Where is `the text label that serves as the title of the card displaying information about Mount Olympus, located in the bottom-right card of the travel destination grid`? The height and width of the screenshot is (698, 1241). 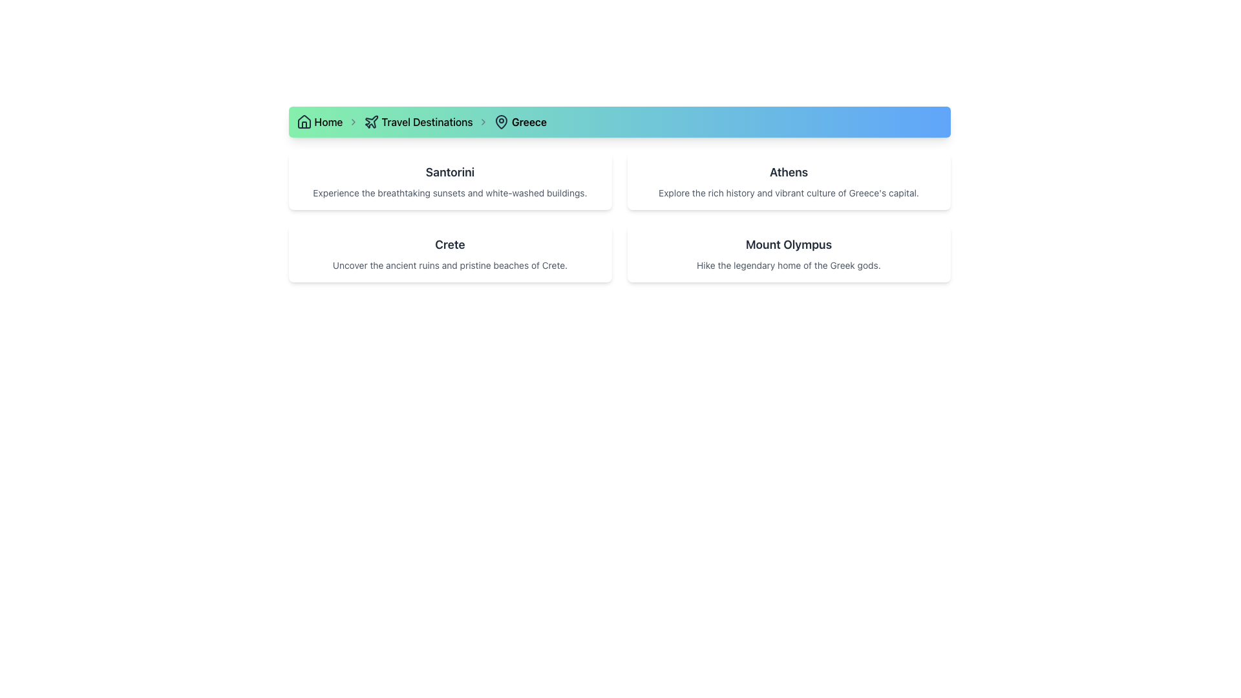 the text label that serves as the title of the card displaying information about Mount Olympus, located in the bottom-right card of the travel destination grid is located at coordinates (788, 244).